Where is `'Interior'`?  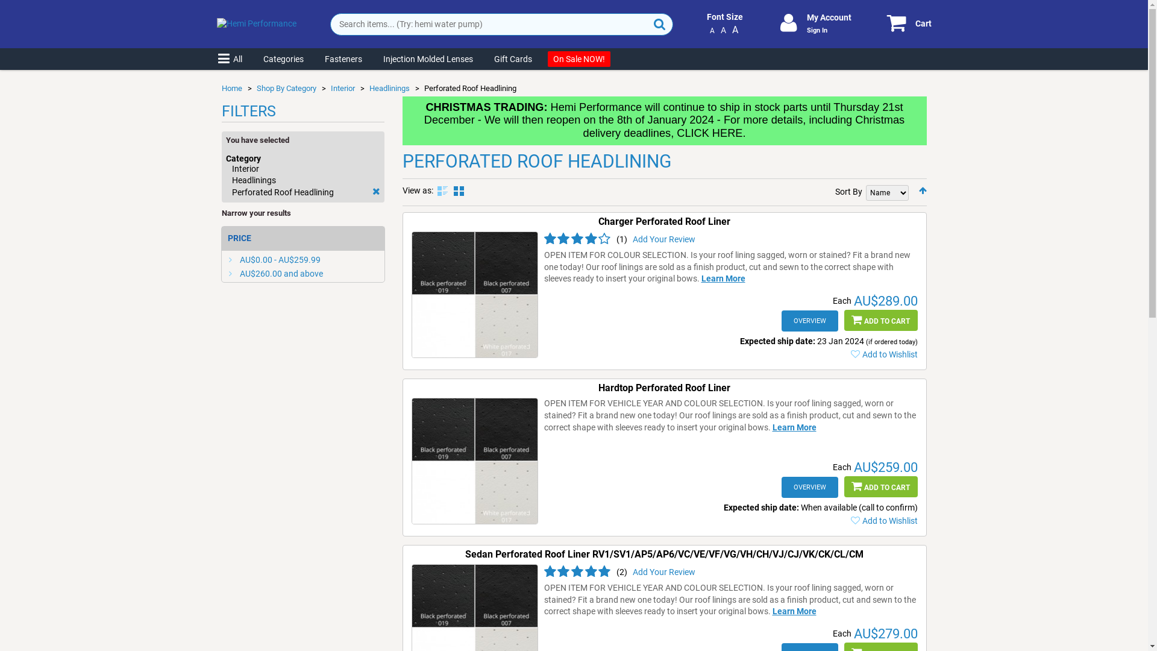 'Interior' is located at coordinates (341, 87).